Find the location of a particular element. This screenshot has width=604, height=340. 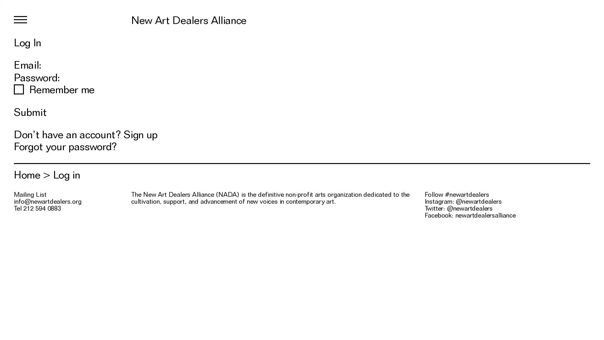

Submit is located at coordinates (30, 111).